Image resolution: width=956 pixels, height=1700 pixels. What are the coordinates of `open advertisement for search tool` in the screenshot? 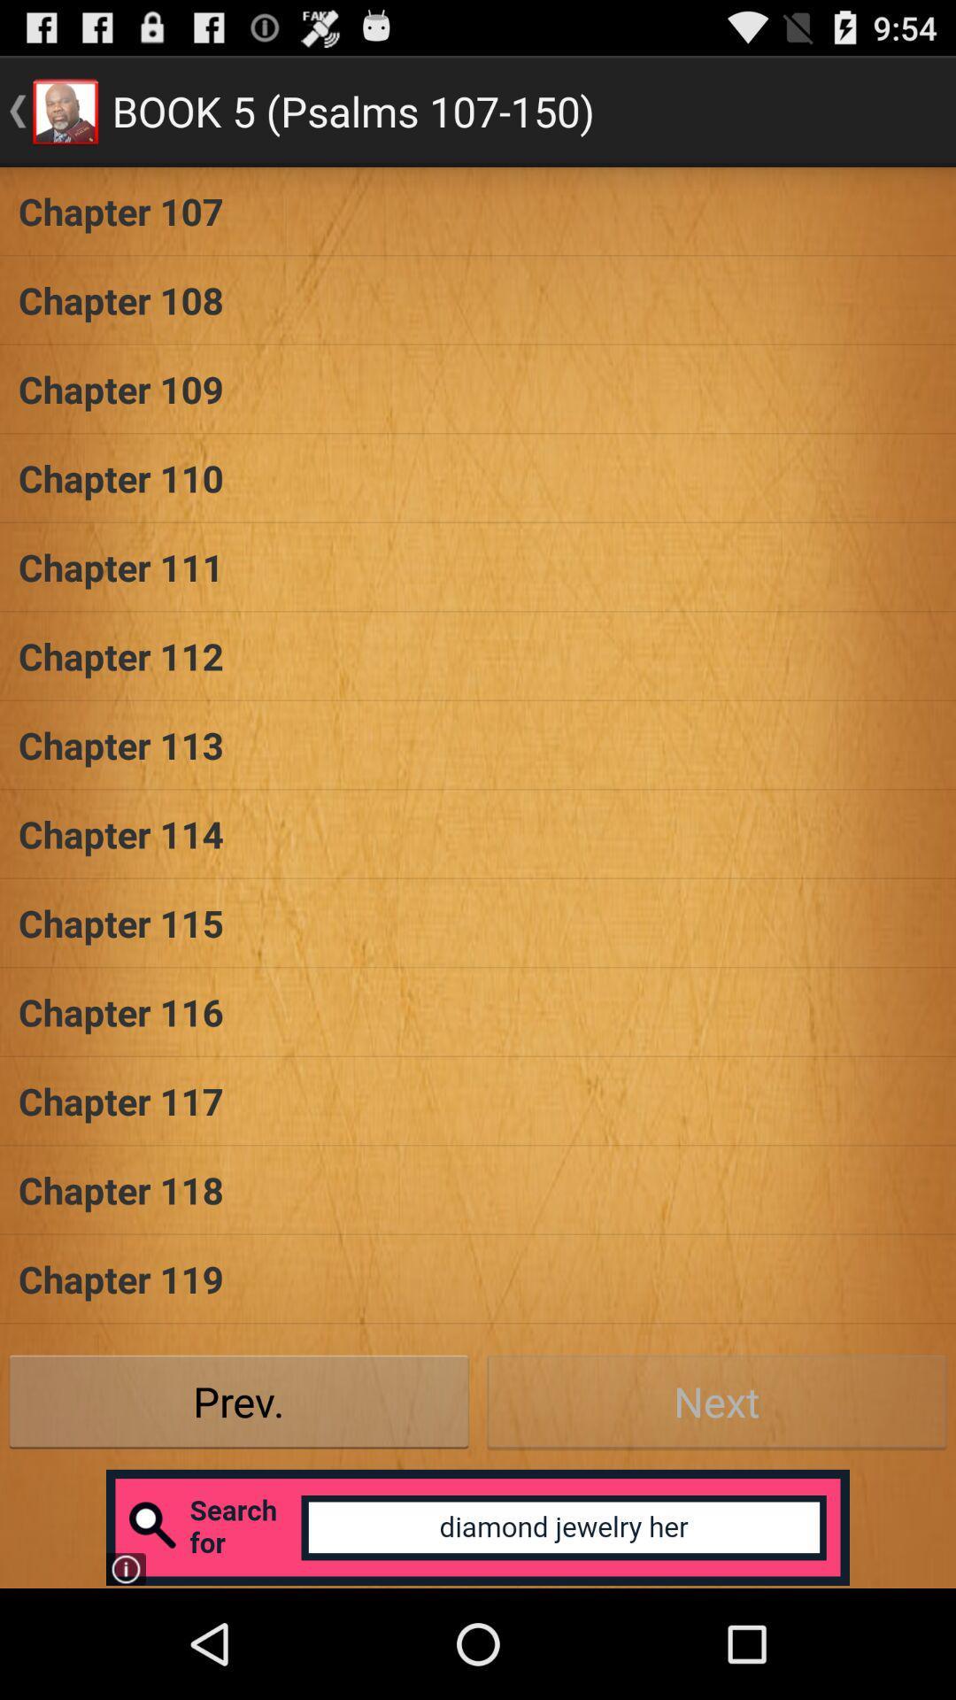 It's located at (478, 1526).